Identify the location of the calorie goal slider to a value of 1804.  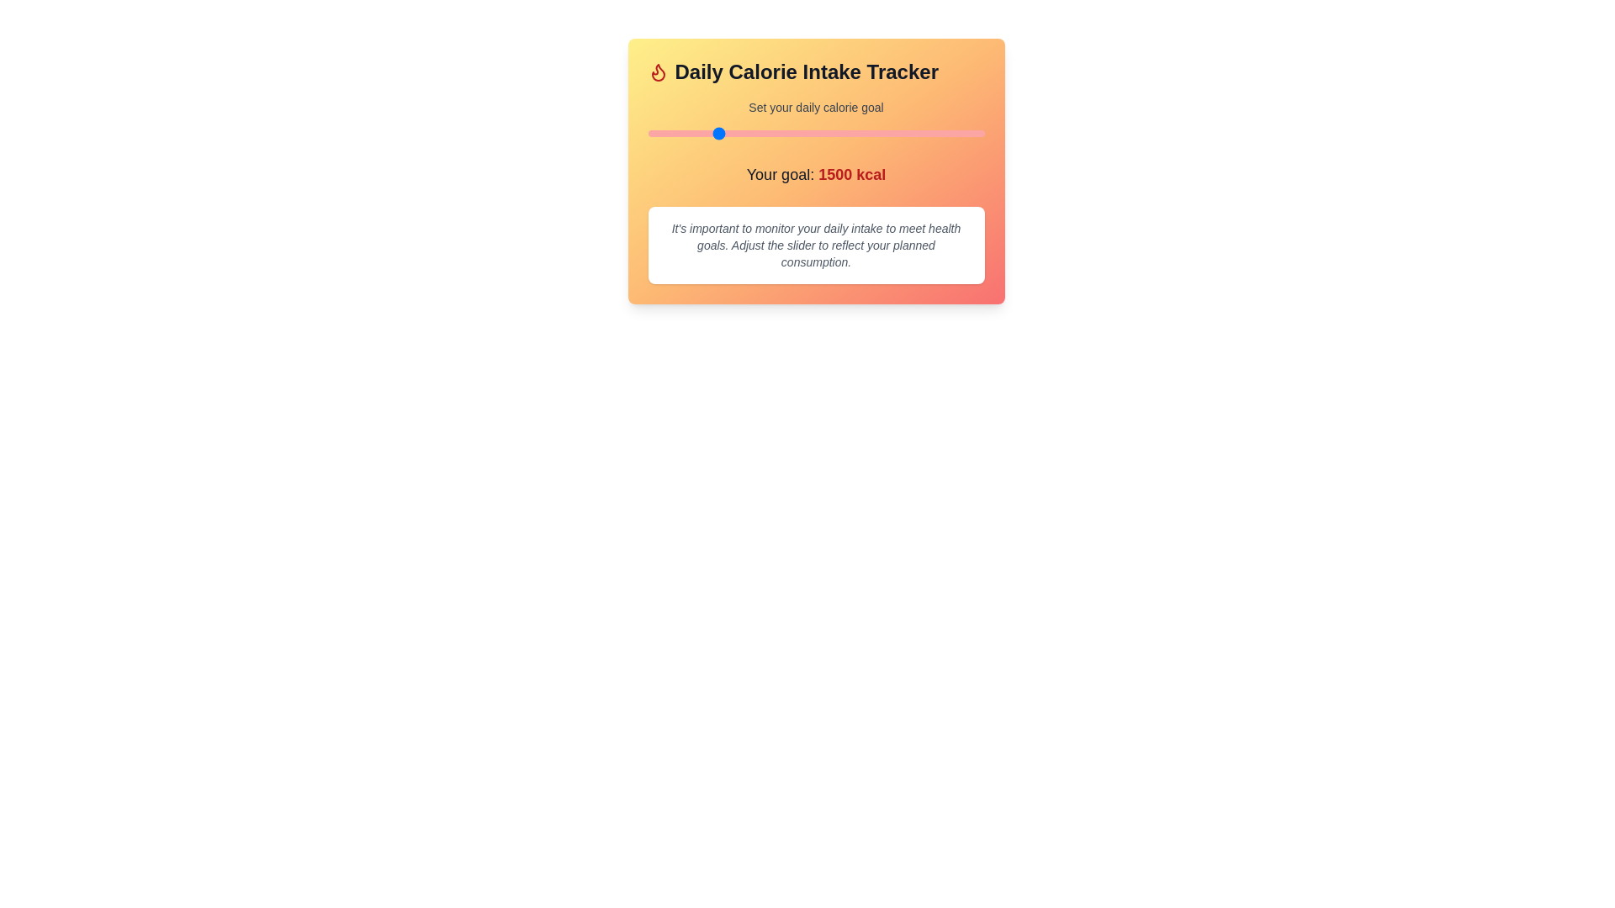
(755, 132).